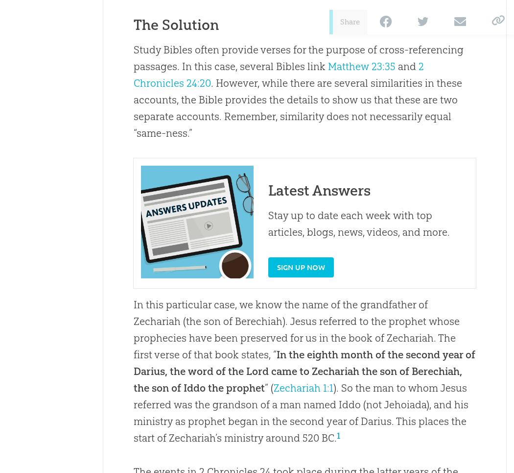  Describe the element at coordinates (301, 266) in the screenshot. I see `'Sign Up Now'` at that location.